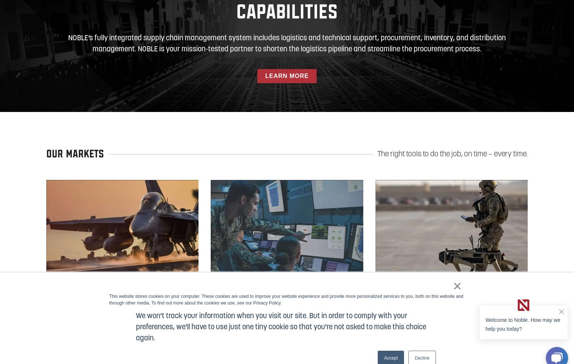  Describe the element at coordinates (421, 358) in the screenshot. I see `'Decline'` at that location.